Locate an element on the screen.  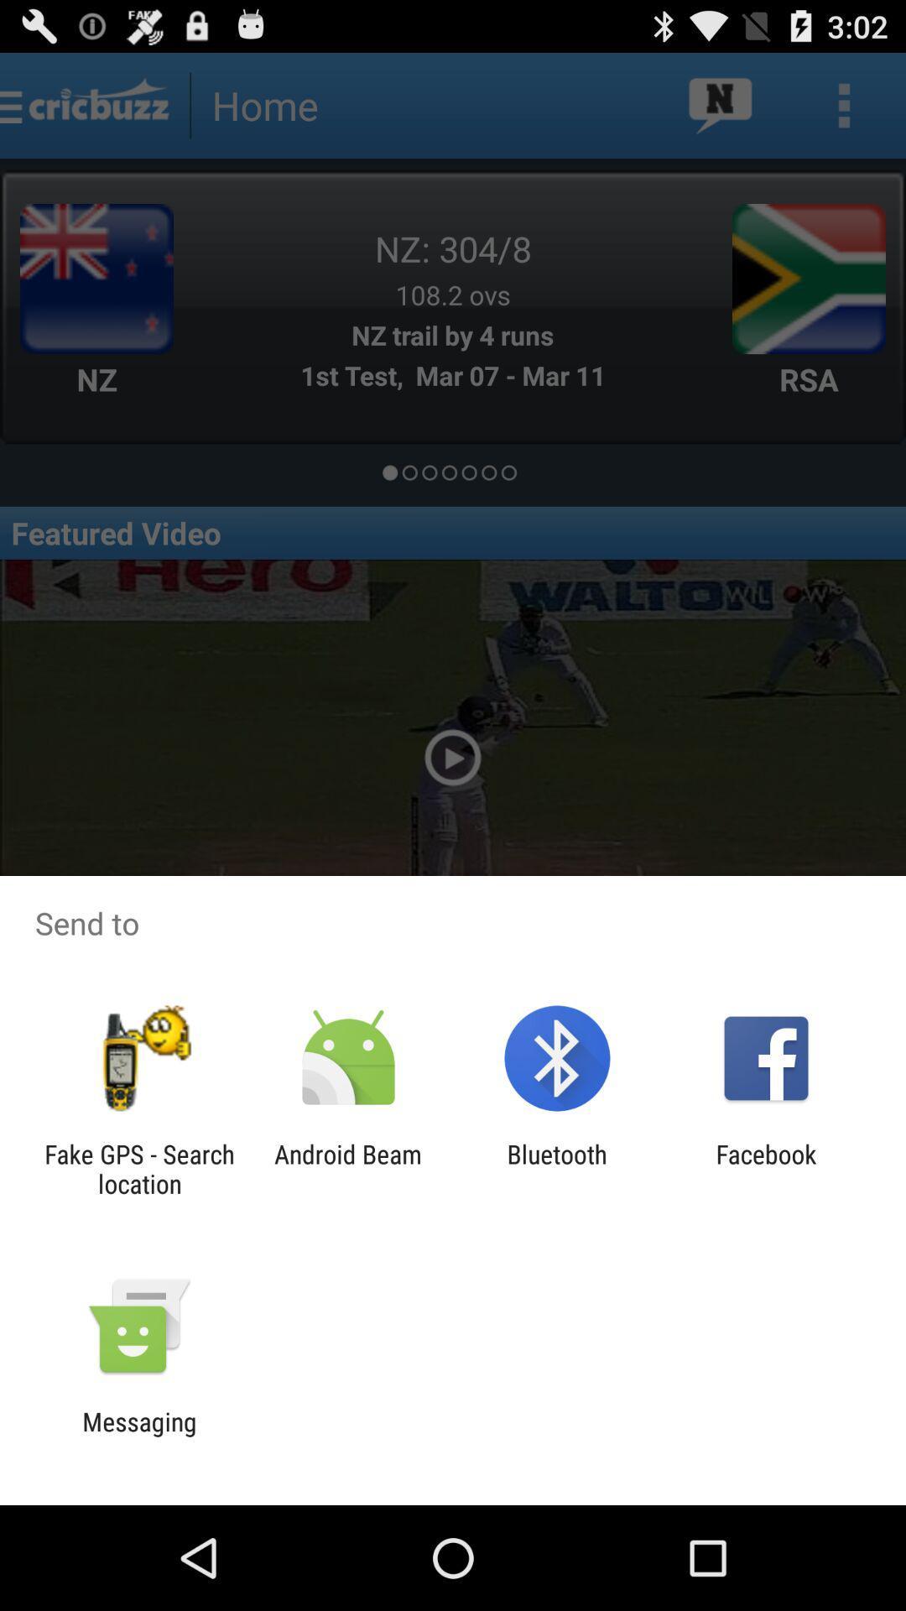
the facebook is located at coordinates (766, 1168).